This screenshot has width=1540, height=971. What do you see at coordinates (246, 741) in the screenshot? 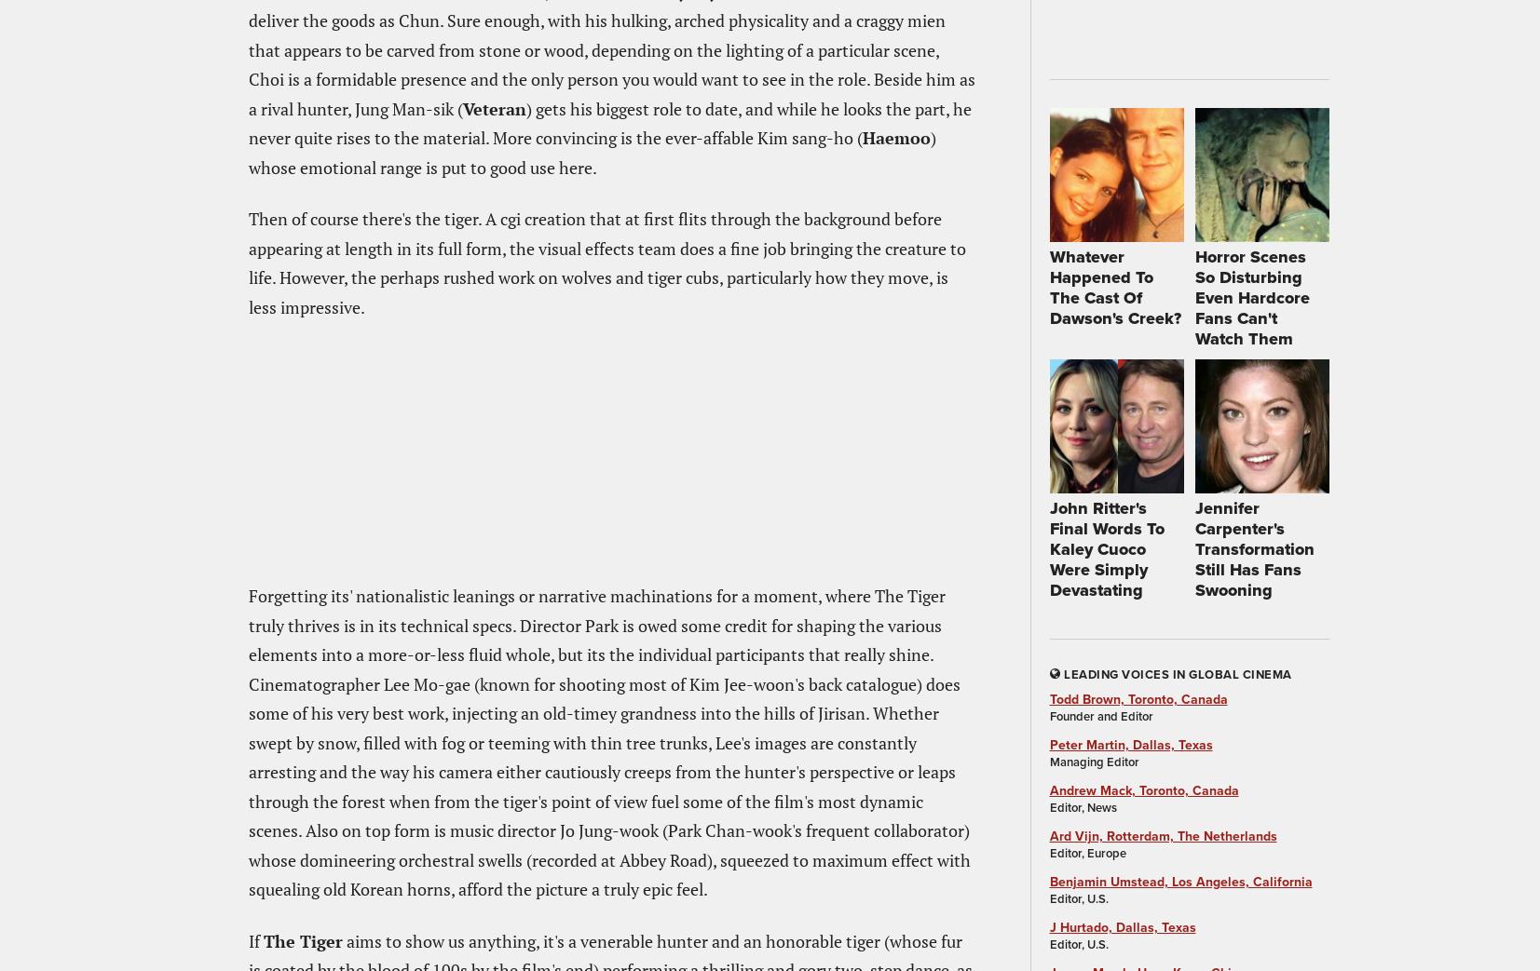
I see `'Forgetting its' nationalistic leanings or narrative machinations for a moment, where The Tiger truly thrives is in its technical specs. Director Park is owed some credit for shaping the various elements into a more-or-less fluid whole, but its the individual participants that really shine. Cinematographer Lee Mo-gae (known for shooting most of Kim Jee-woon's back catalogue) does some of his very best work, injecting an old-timey grandness into the hills of Jirisan. Whether swept by snow, filled with fog or teeming with thin tree trunks, Lee's images are constantly arresting and the way his camera either cautiously creeps from the hunter's perspective or leaps through the forest when from the tiger's point of view fuel some of the film's most dynamic scenes. Also on top form is music director Jo Jung-wook (Park Chan-wook's frequent collaborator) whose domineering orchestral swells (recorded at Abbey Road), squeezed to maximum effect with squealing old Korean horns, afford the picture a truly epic feel.'` at bounding box center [246, 741].